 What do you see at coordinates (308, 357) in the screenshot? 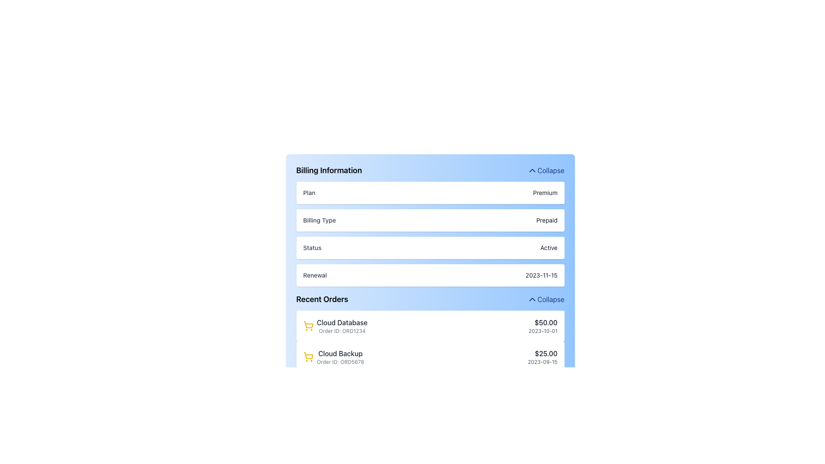
I see `the shopping cart icon in the Recent Orders section, which is located to the left of the 'Cloud Backup' text and above the 'Order ID: ORD5678'` at bounding box center [308, 357].